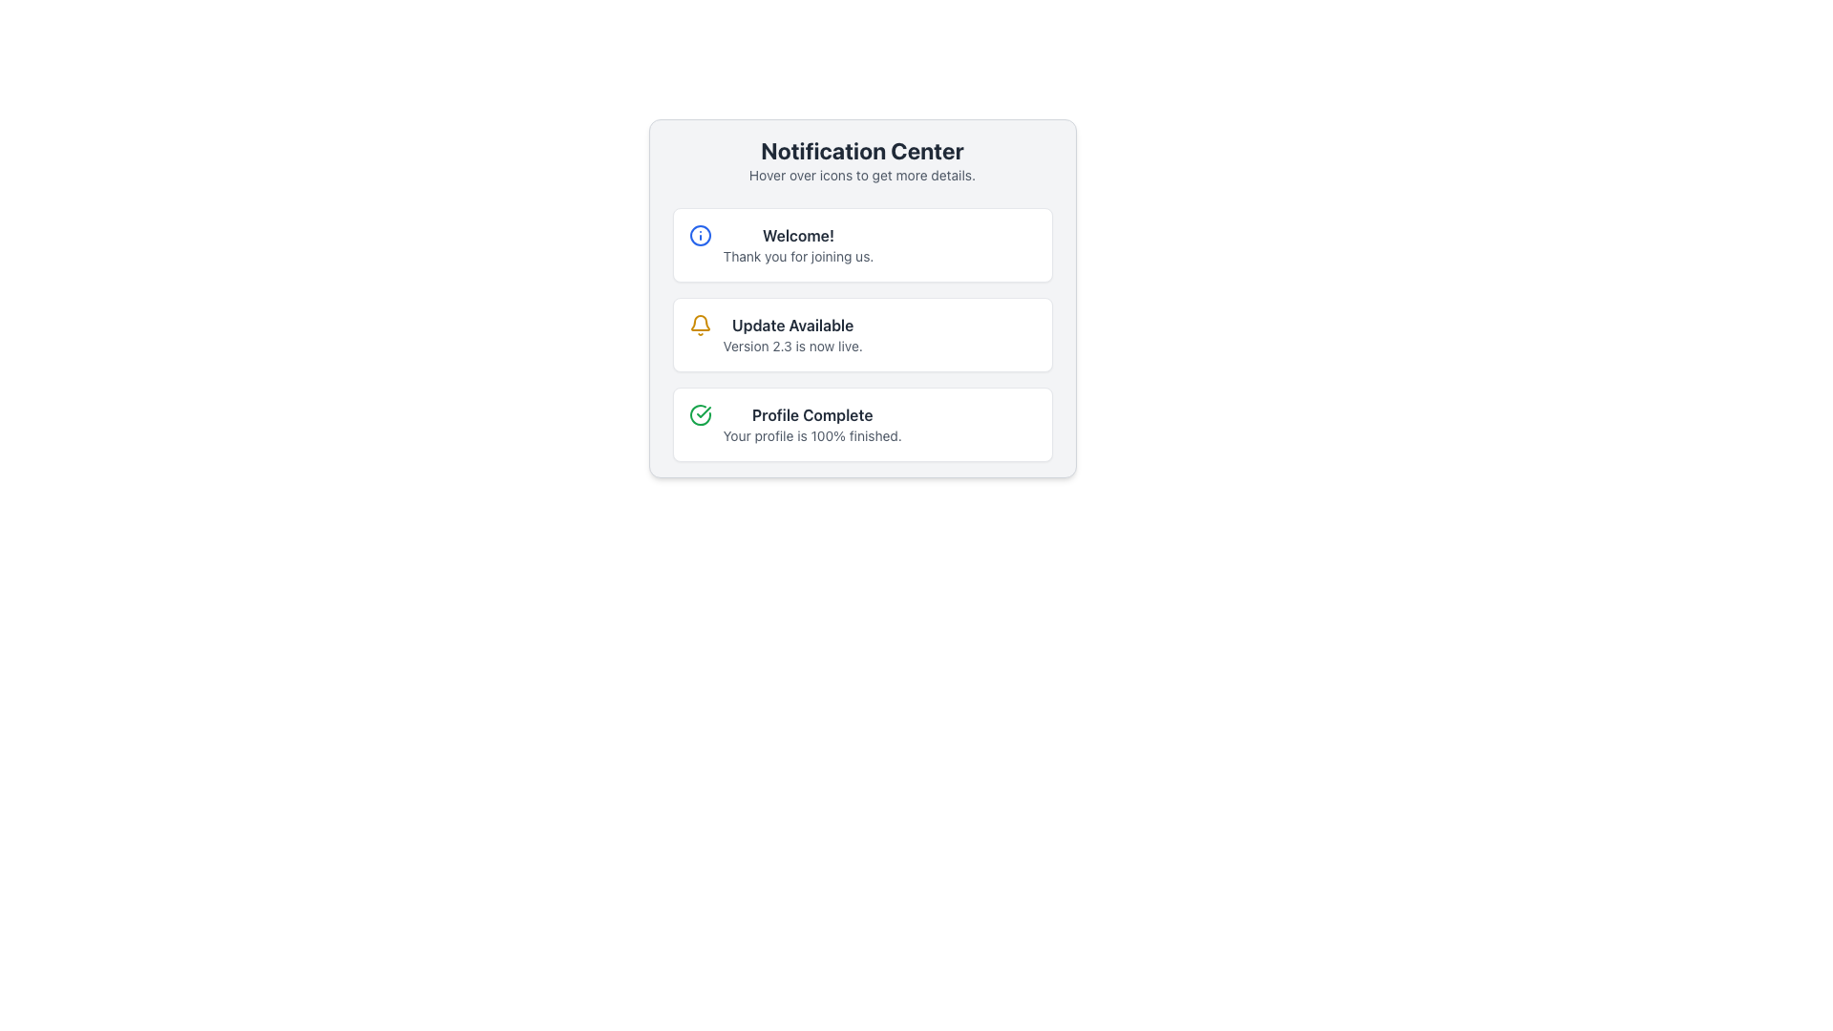 This screenshot has width=1833, height=1031. Describe the element at coordinates (699, 324) in the screenshot. I see `the notification icon representing the 'Update Available' alert, located at the beginning of the second notification card titled 'Update Available'` at that location.